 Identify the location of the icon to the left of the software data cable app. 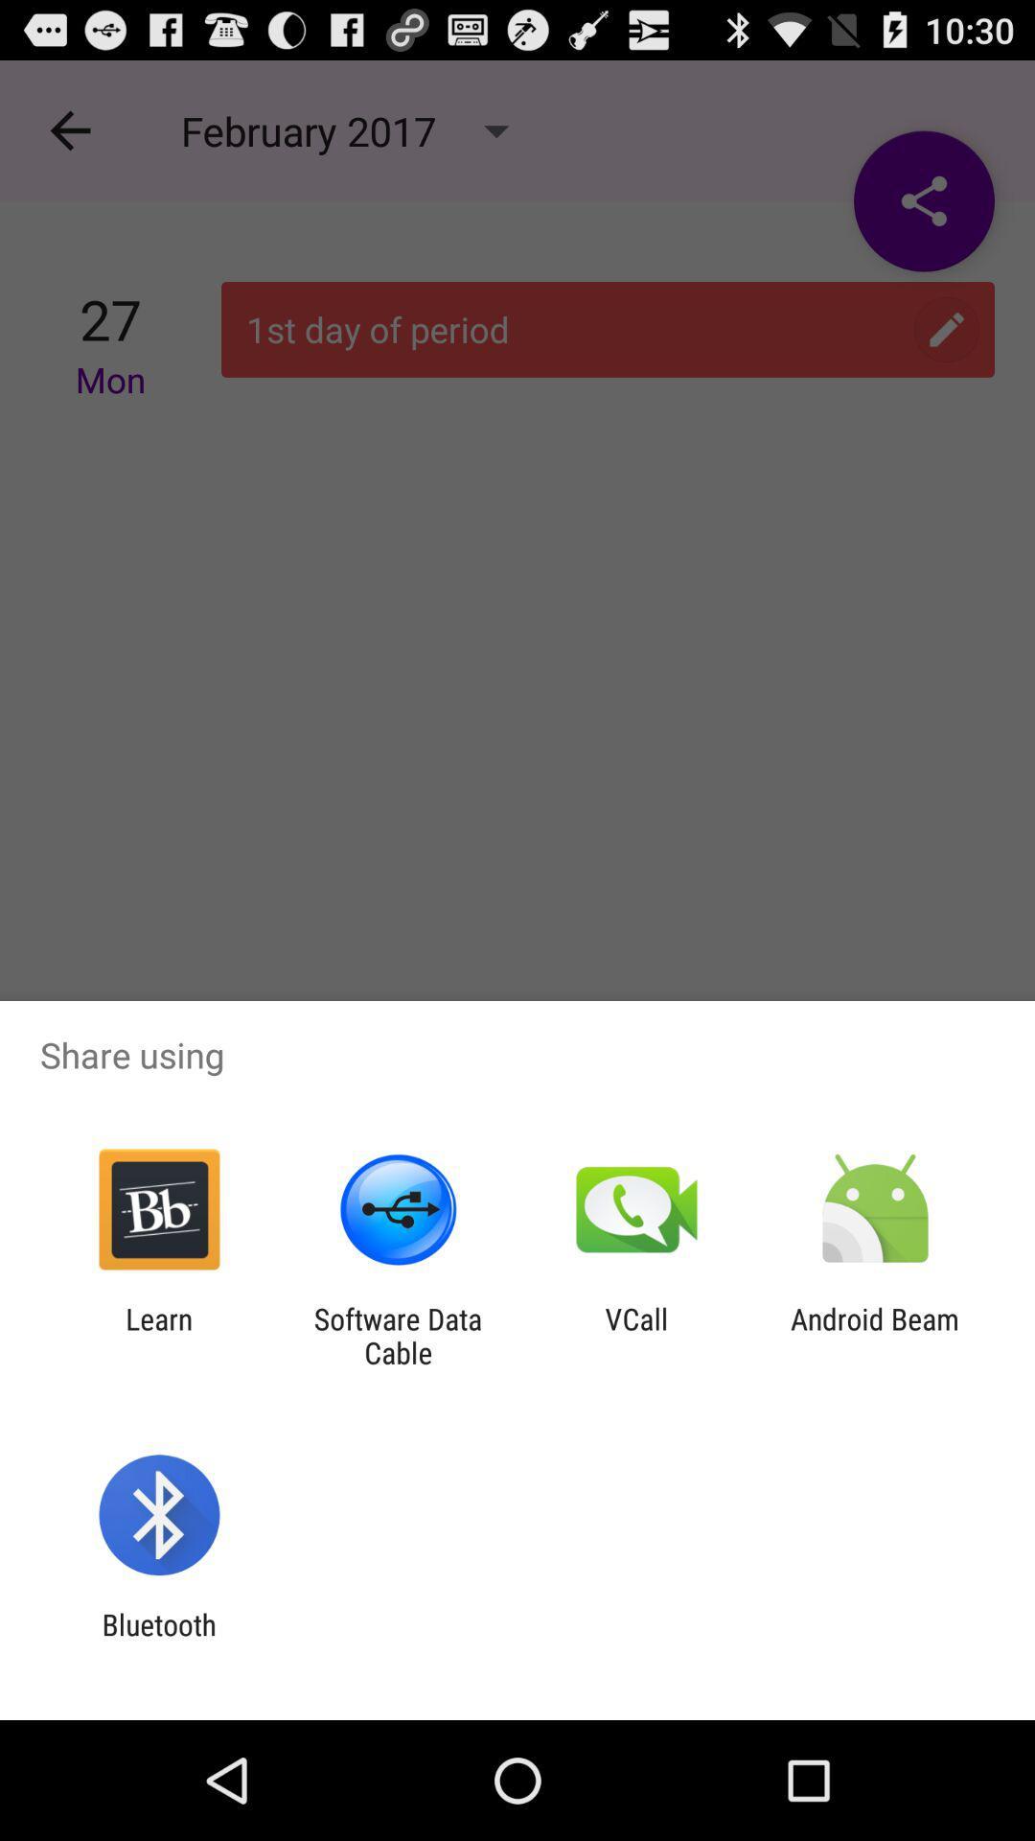
(158, 1335).